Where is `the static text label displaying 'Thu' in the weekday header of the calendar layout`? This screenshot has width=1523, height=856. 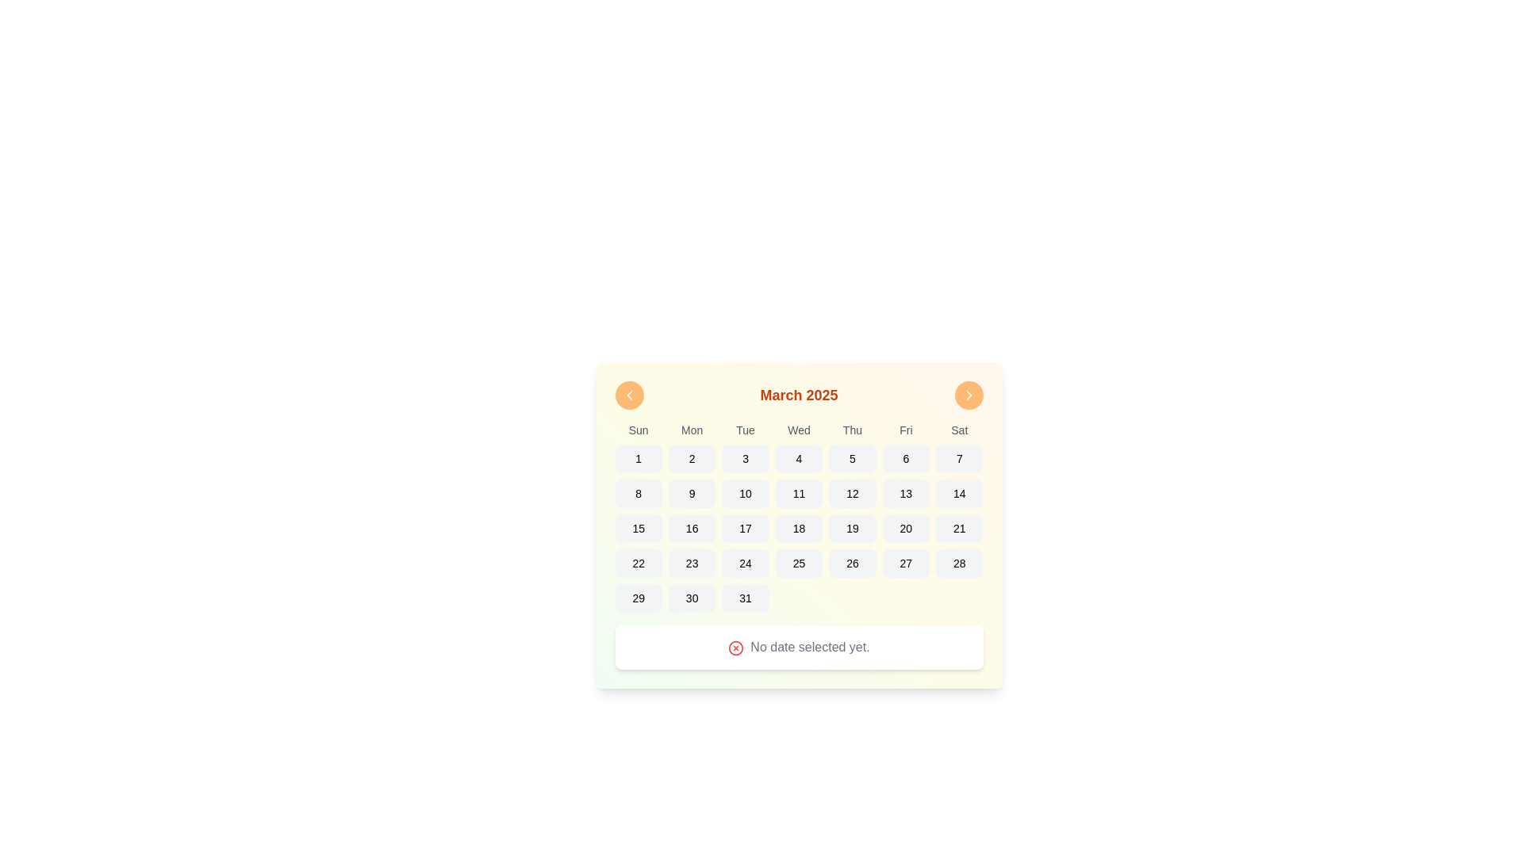
the static text label displaying 'Thu' in the weekday header of the calendar layout is located at coordinates (852, 430).